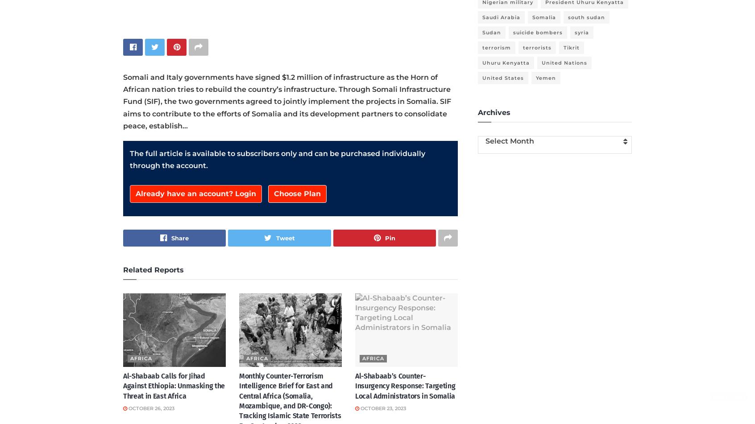  I want to click on 'October 23, 2023', so click(382, 407).